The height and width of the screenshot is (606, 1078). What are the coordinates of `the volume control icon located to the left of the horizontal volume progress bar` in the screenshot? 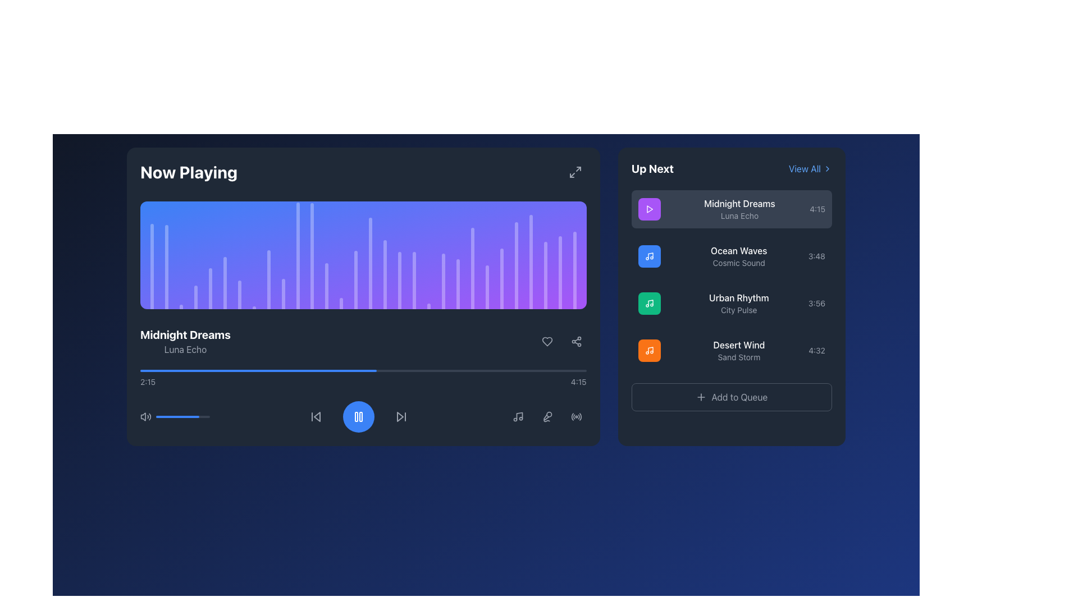 It's located at (145, 417).